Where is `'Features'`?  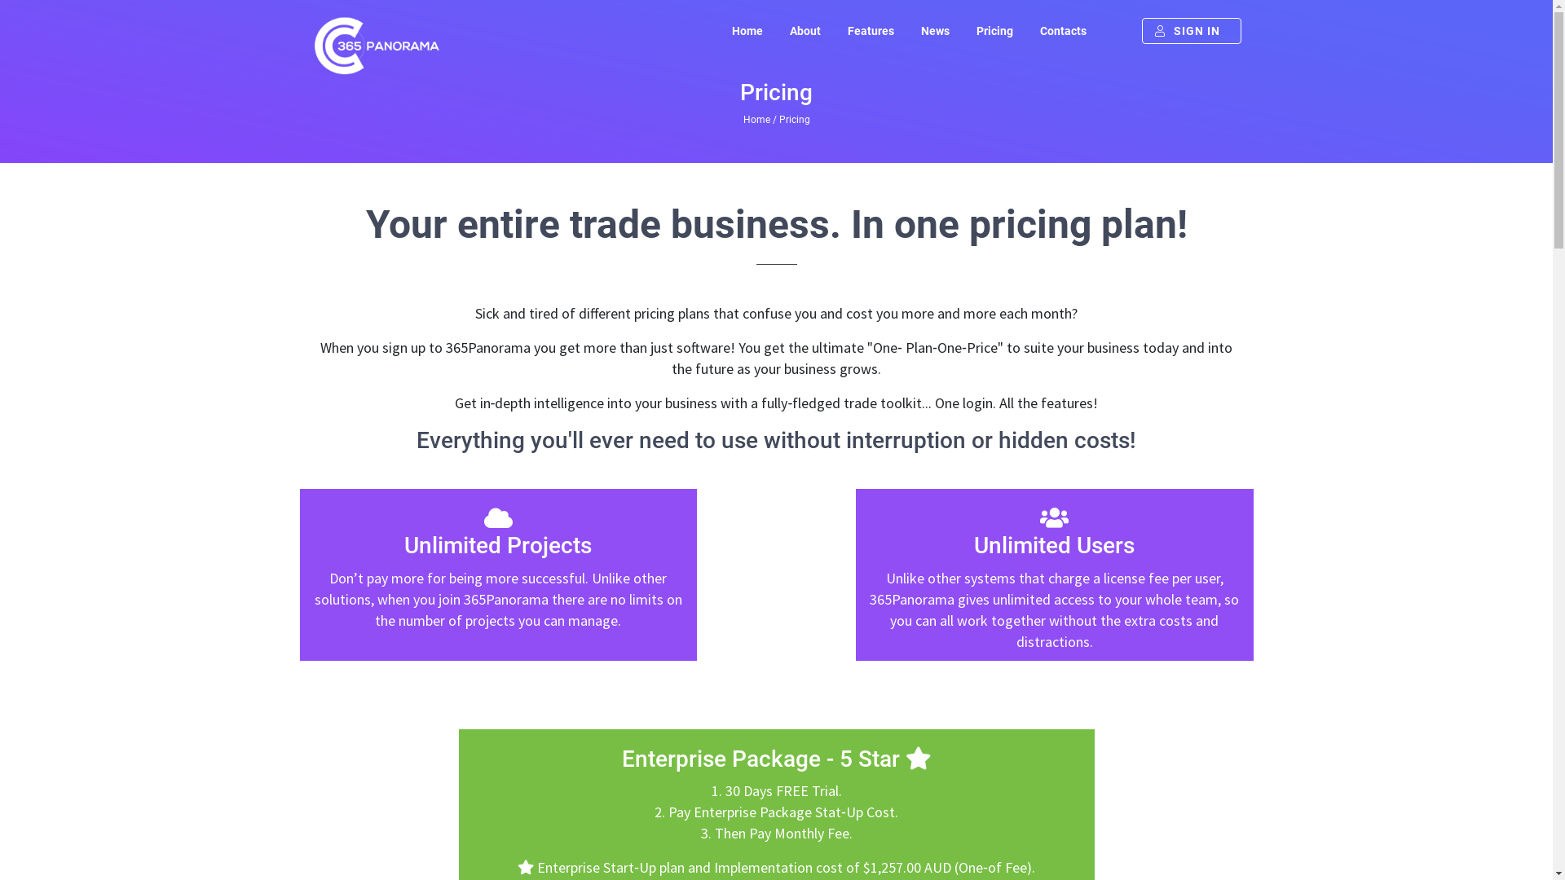
'Features' is located at coordinates (869, 31).